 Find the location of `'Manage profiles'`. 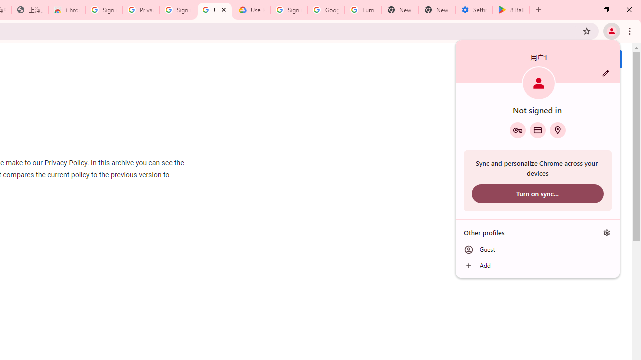

'Manage profiles' is located at coordinates (606, 232).